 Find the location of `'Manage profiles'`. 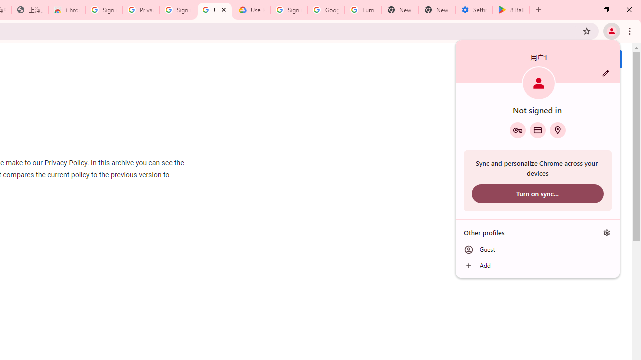

'Manage profiles' is located at coordinates (606, 232).